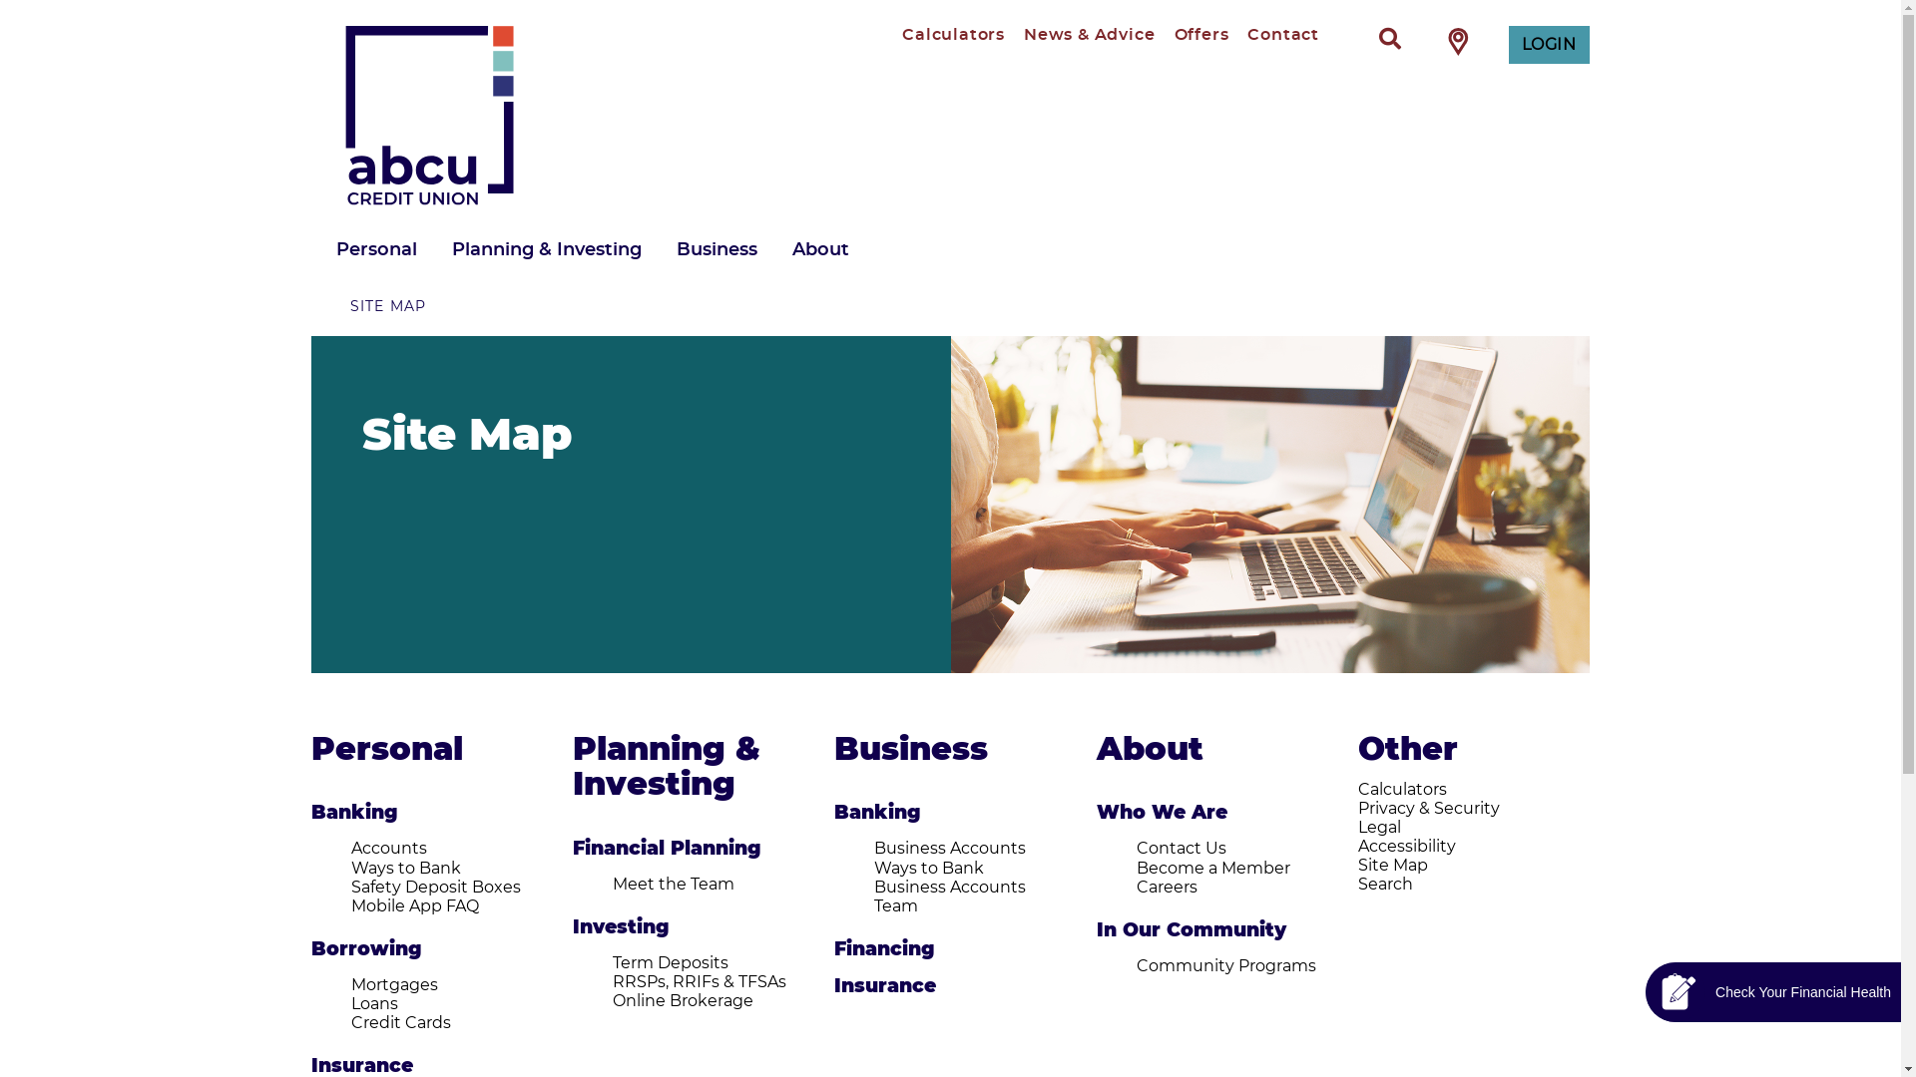  What do you see at coordinates (883, 948) in the screenshot?
I see `'Financing'` at bounding box center [883, 948].